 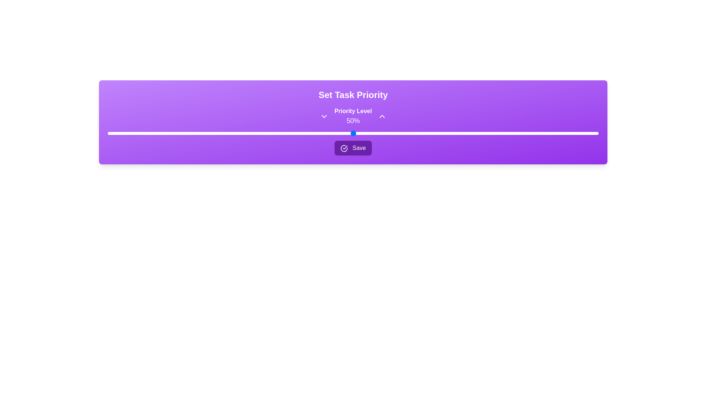 I want to click on the icon button located to the right of '50%', so click(x=382, y=116).